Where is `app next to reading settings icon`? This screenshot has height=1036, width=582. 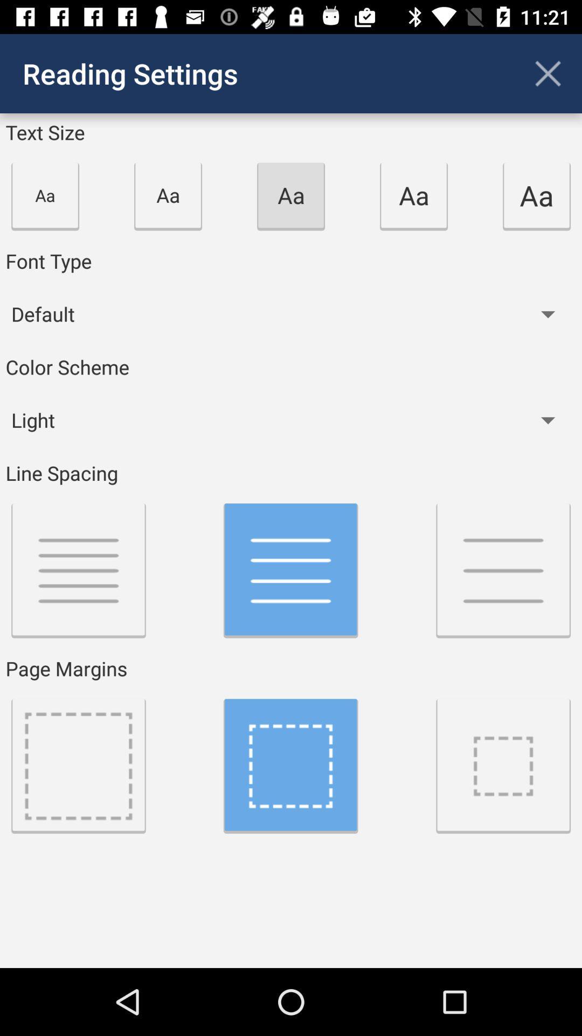
app next to reading settings icon is located at coordinates (548, 73).